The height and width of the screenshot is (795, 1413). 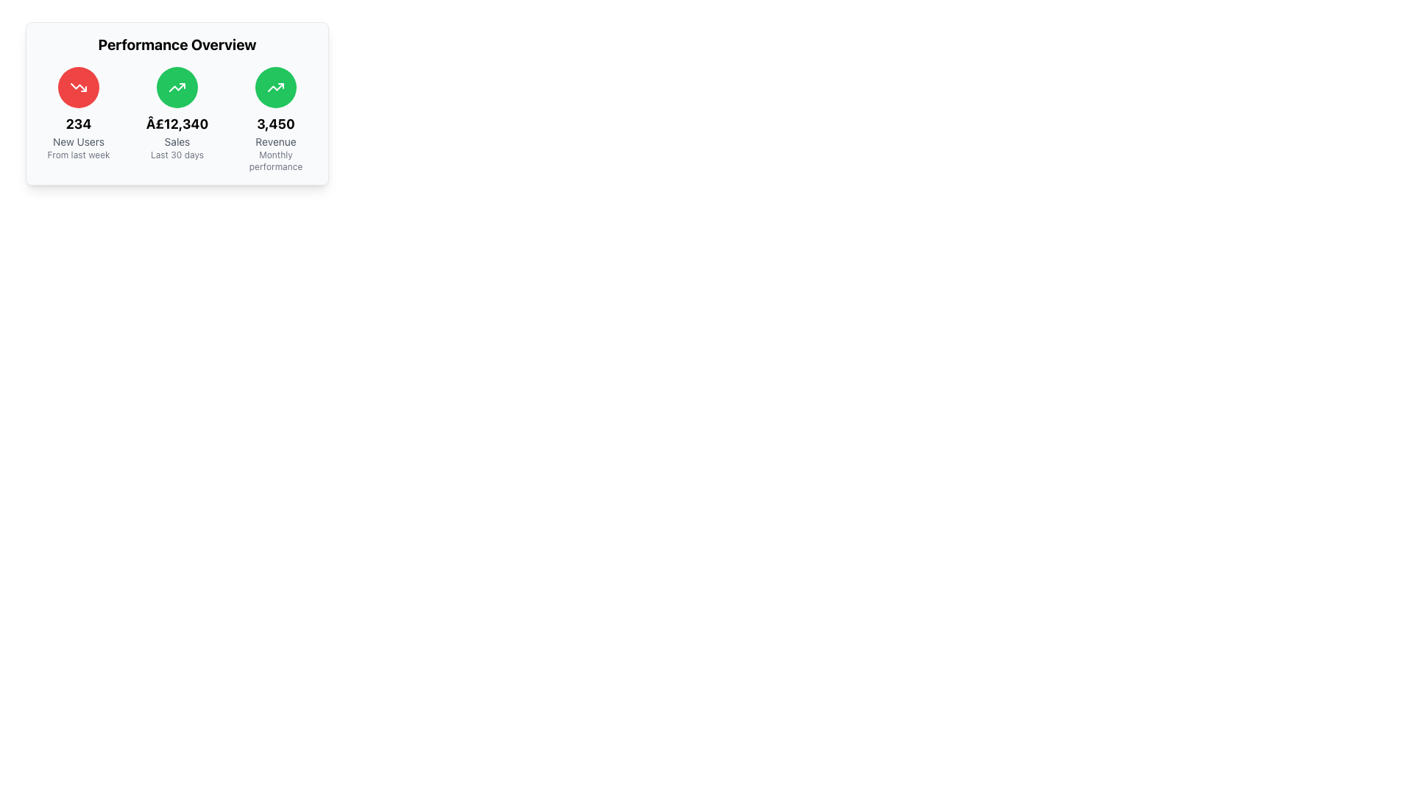 I want to click on the first SVG Icon in the 'Performance Overview' card that symbolizes a decrease or downward trend, so click(x=77, y=88).